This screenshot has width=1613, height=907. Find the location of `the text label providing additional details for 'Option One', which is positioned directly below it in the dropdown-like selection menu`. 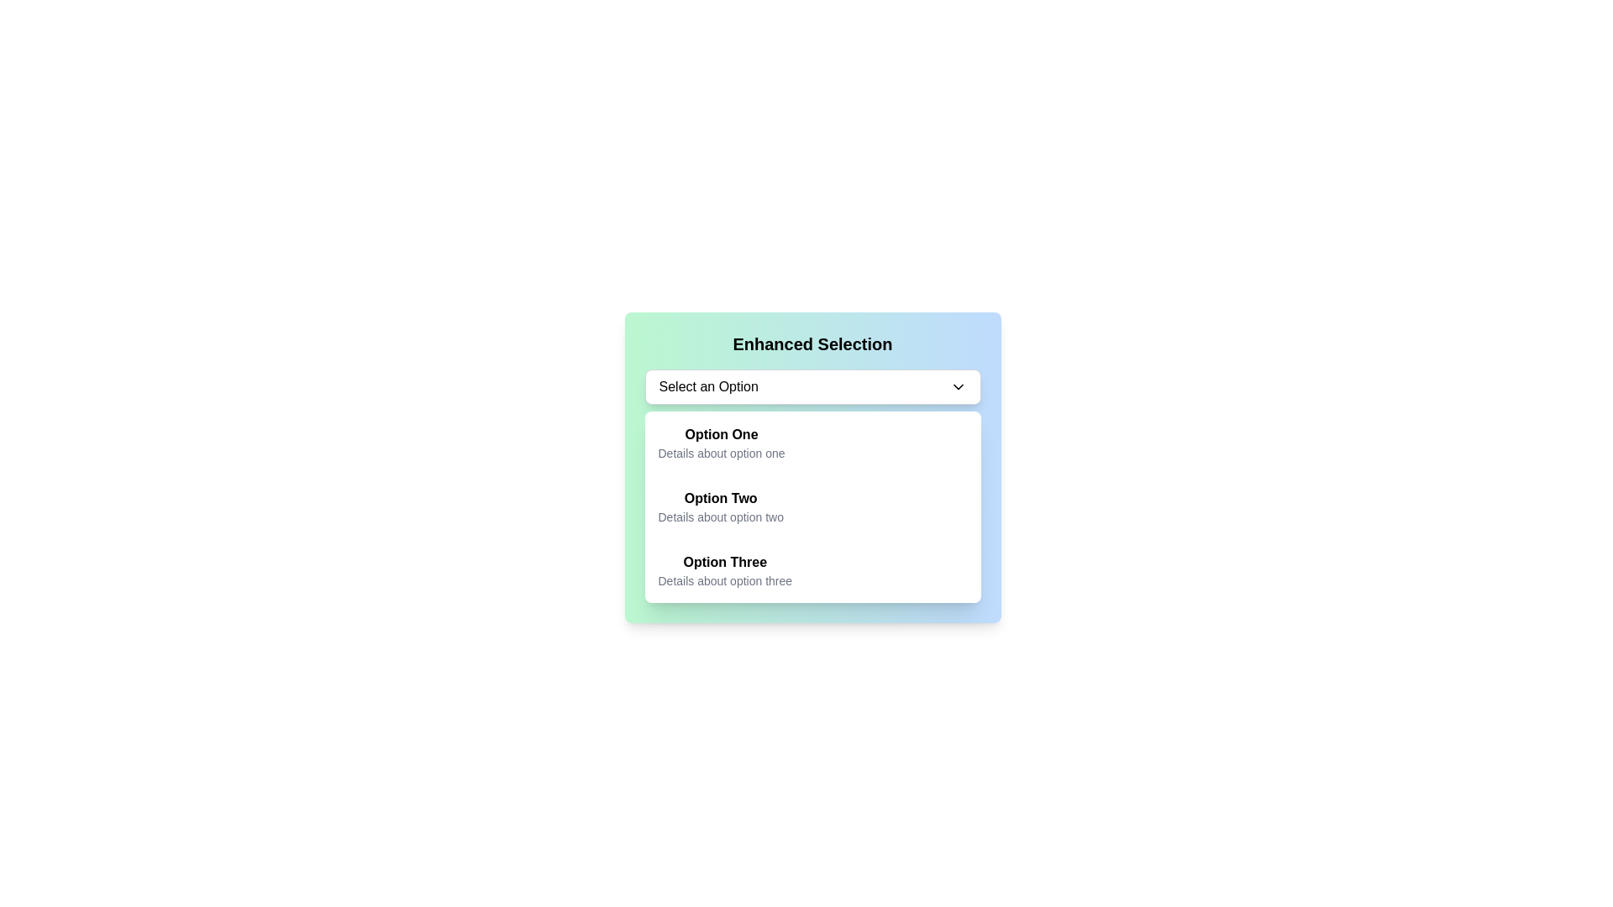

the text label providing additional details for 'Option One', which is positioned directly below it in the dropdown-like selection menu is located at coordinates (722, 453).